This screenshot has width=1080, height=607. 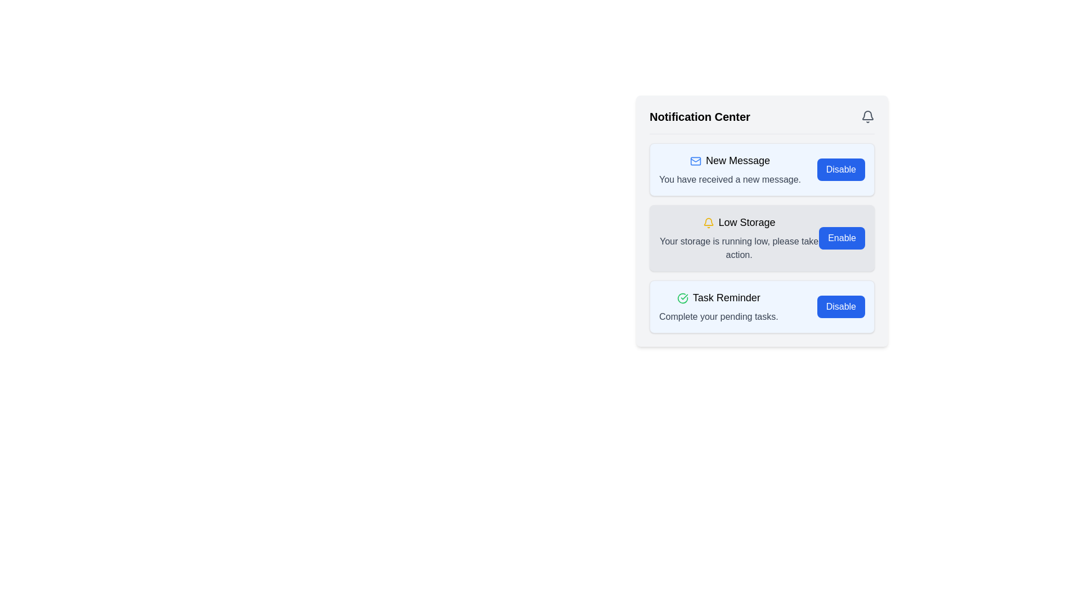 What do you see at coordinates (682, 298) in the screenshot?
I see `the success indicator icon located to the left of the 'Task Reminder' text in the Notification Center` at bounding box center [682, 298].